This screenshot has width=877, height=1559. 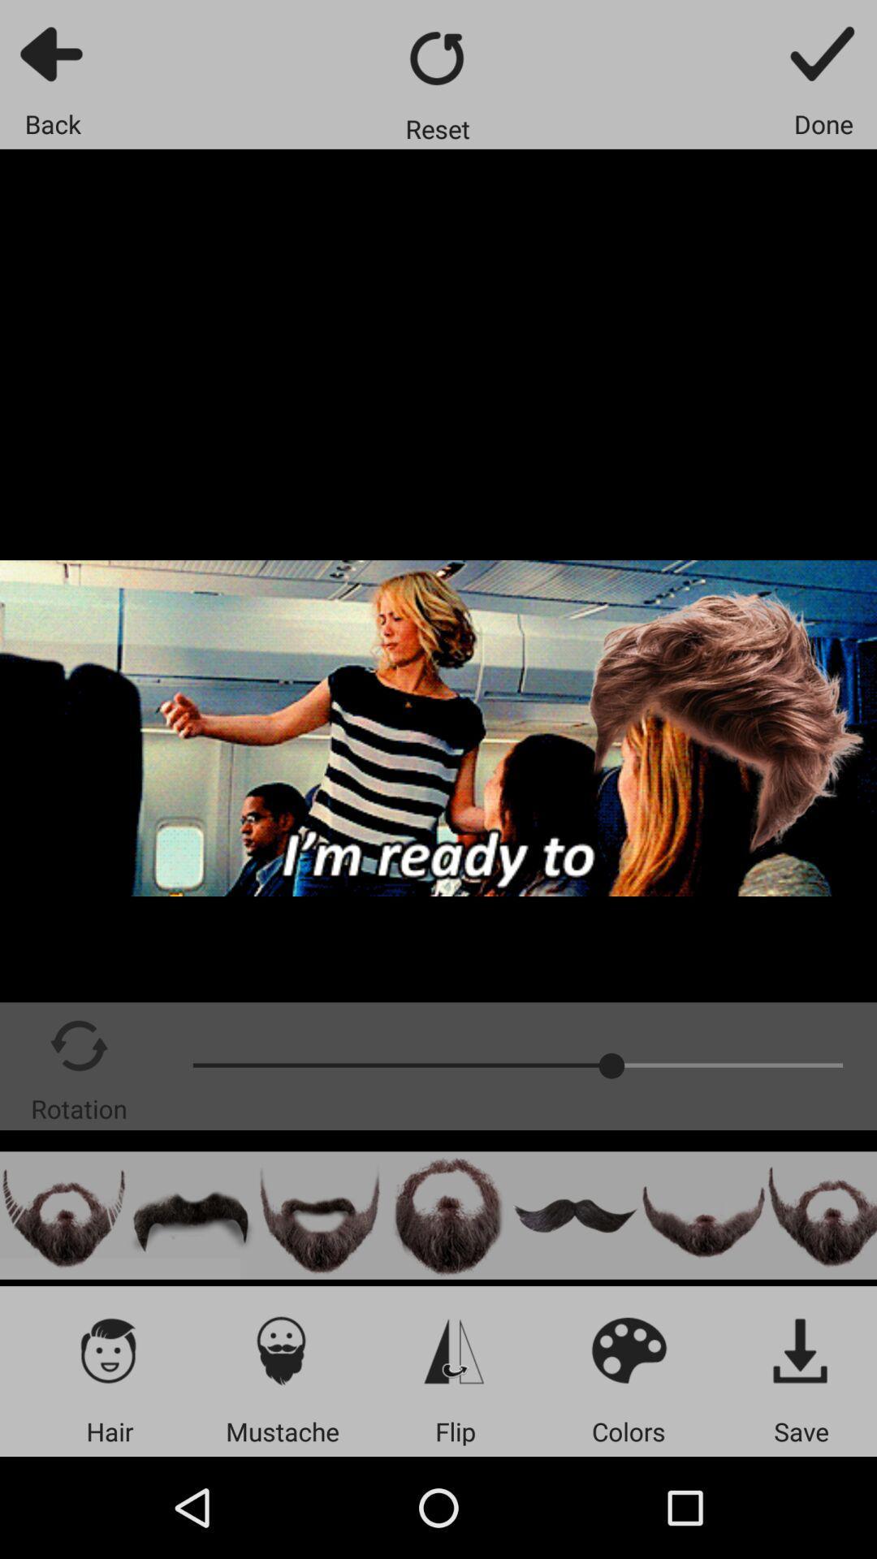 What do you see at coordinates (455, 1350) in the screenshot?
I see `vertical flip` at bounding box center [455, 1350].